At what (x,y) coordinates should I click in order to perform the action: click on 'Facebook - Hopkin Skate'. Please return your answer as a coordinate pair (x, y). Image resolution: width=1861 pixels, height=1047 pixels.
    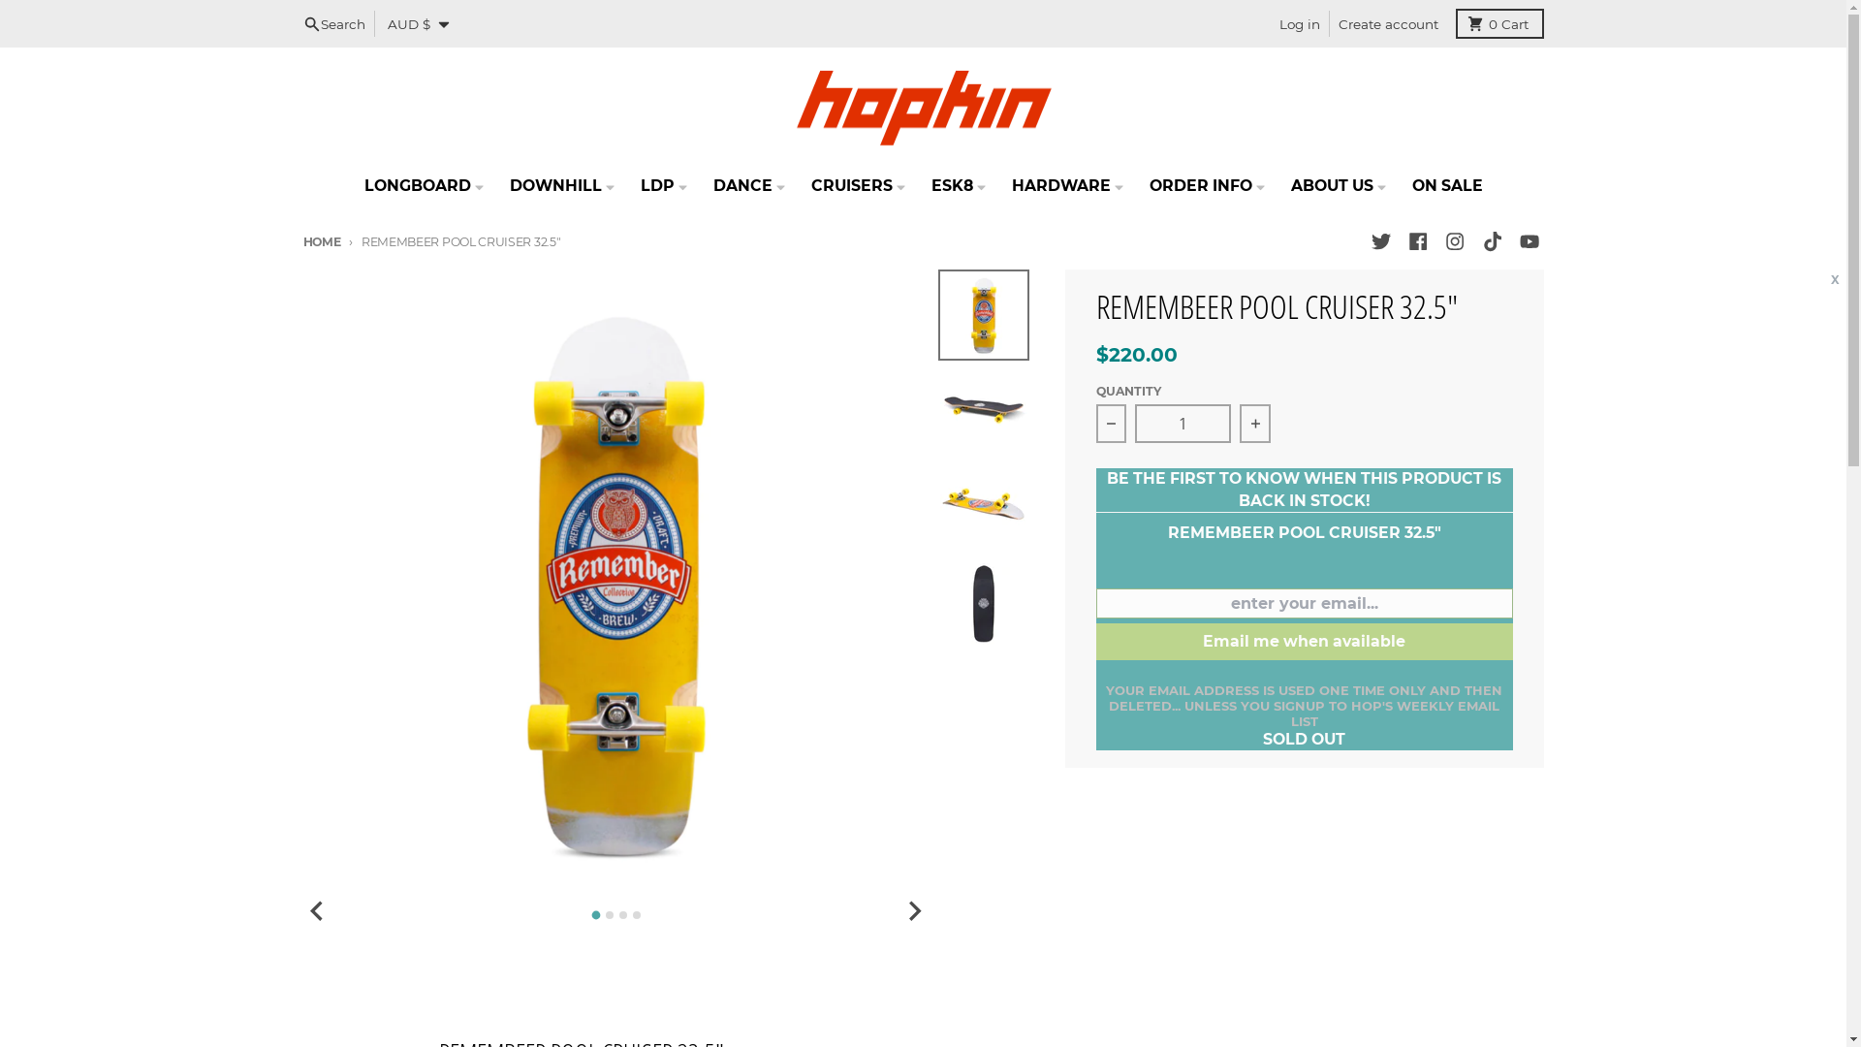
    Looking at the image, I should click on (1417, 240).